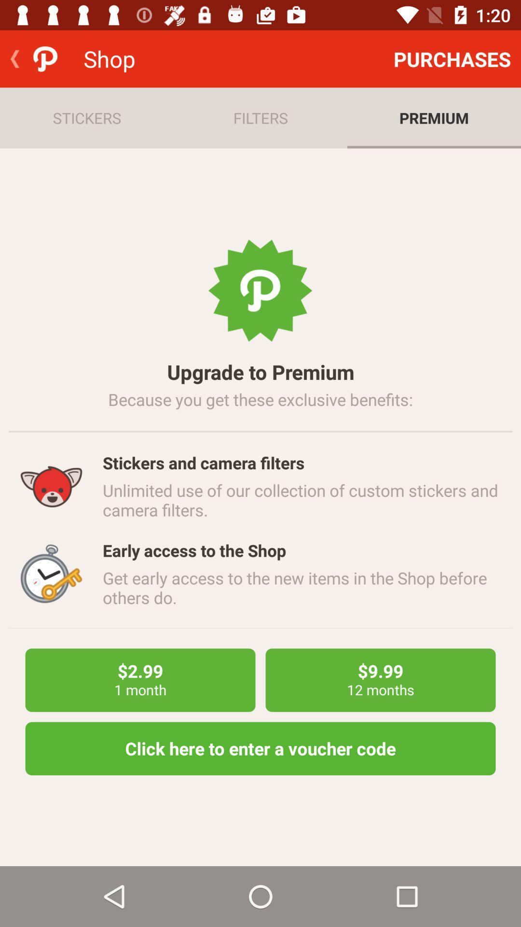 This screenshot has height=927, width=521. Describe the element at coordinates (260, 748) in the screenshot. I see `the click here to item` at that location.